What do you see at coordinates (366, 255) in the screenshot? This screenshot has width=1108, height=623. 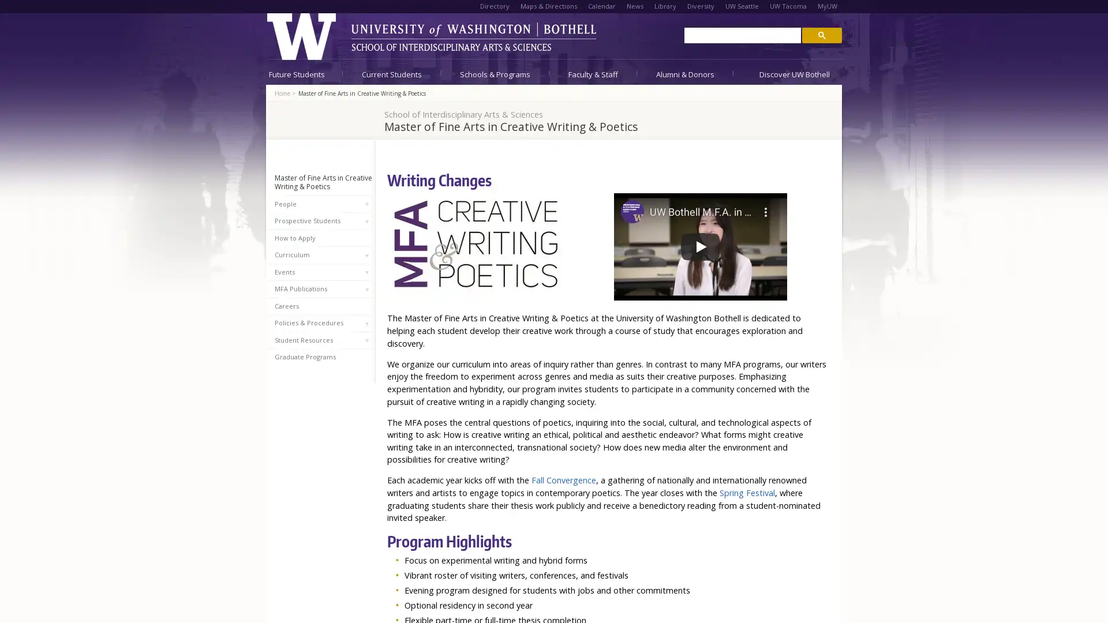 I see `Curriculum Submenu` at bounding box center [366, 255].